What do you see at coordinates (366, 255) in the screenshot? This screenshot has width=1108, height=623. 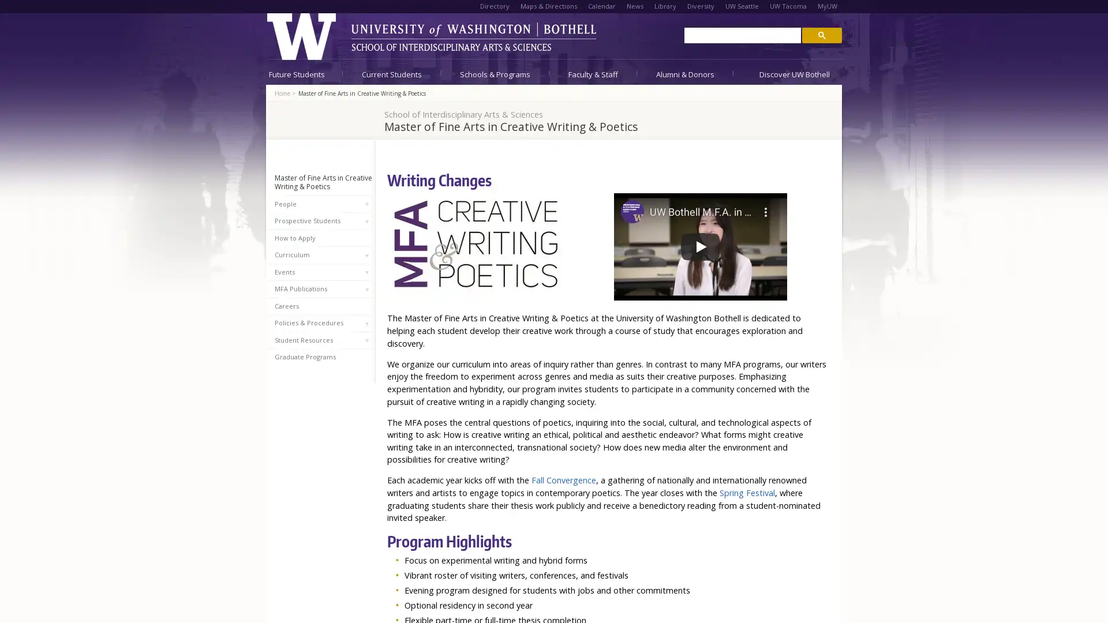 I see `Curriculum Submenu` at bounding box center [366, 255].